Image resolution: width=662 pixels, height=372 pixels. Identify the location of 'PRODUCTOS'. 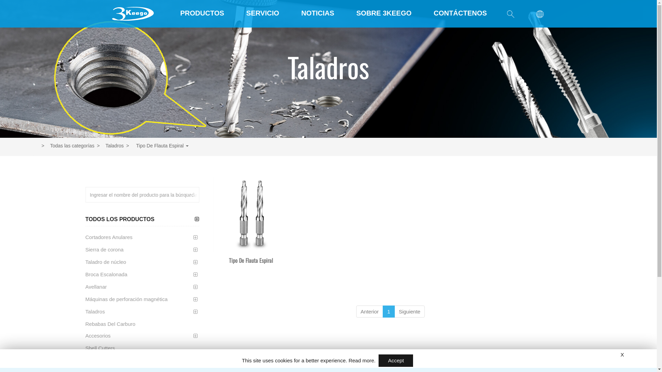
(202, 13).